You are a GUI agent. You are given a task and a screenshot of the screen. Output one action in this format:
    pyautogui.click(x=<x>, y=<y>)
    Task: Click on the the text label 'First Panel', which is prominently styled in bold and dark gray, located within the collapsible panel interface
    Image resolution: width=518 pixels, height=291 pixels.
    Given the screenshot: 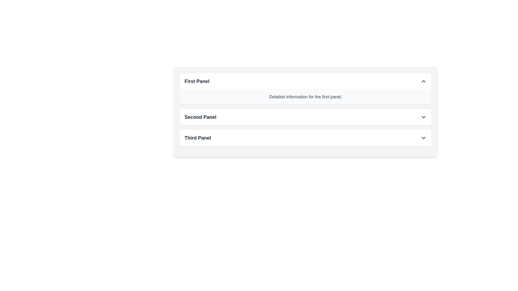 What is the action you would take?
    pyautogui.click(x=196, y=81)
    